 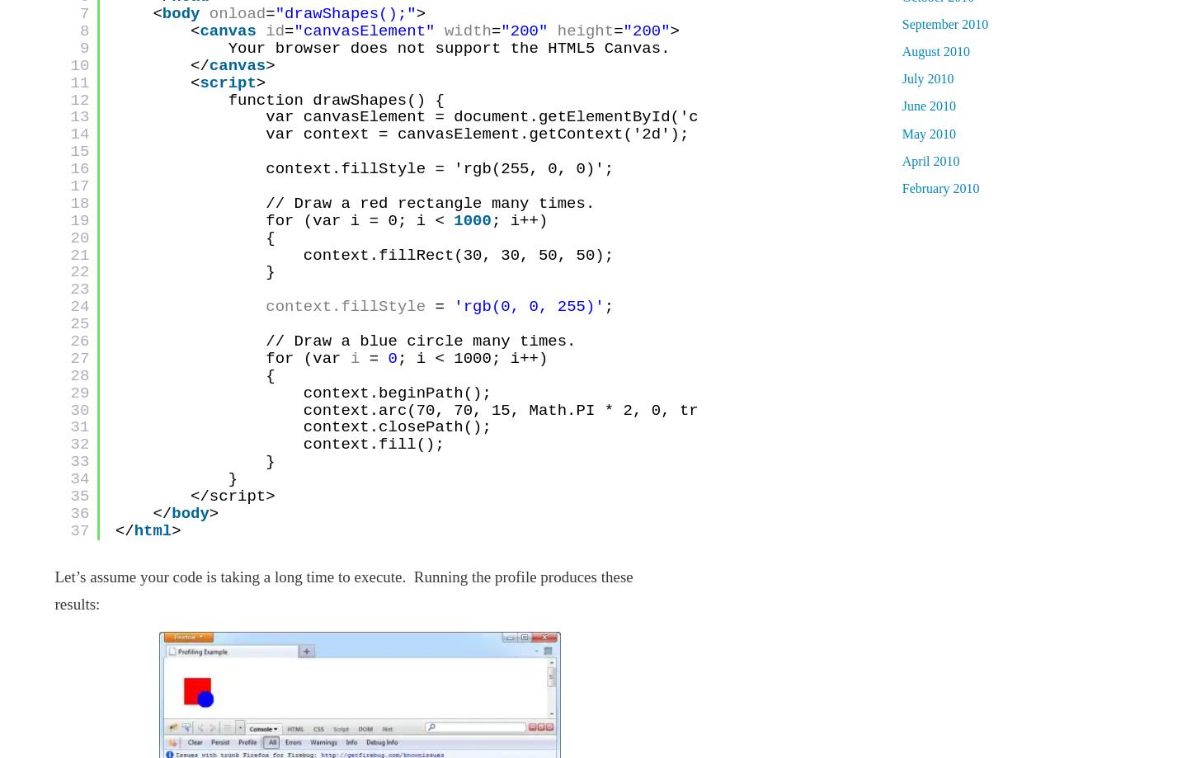 What do you see at coordinates (237, 14) in the screenshot?
I see `'onload'` at bounding box center [237, 14].